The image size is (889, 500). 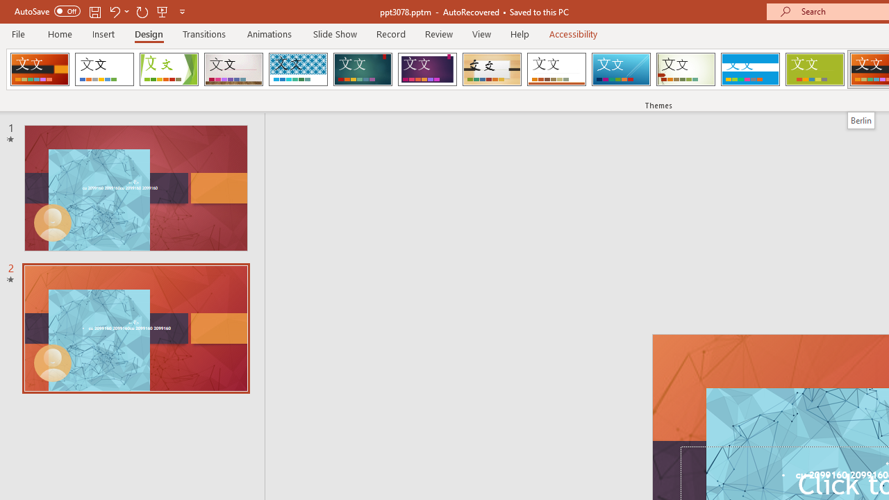 I want to click on 'Facet', so click(x=168, y=69).